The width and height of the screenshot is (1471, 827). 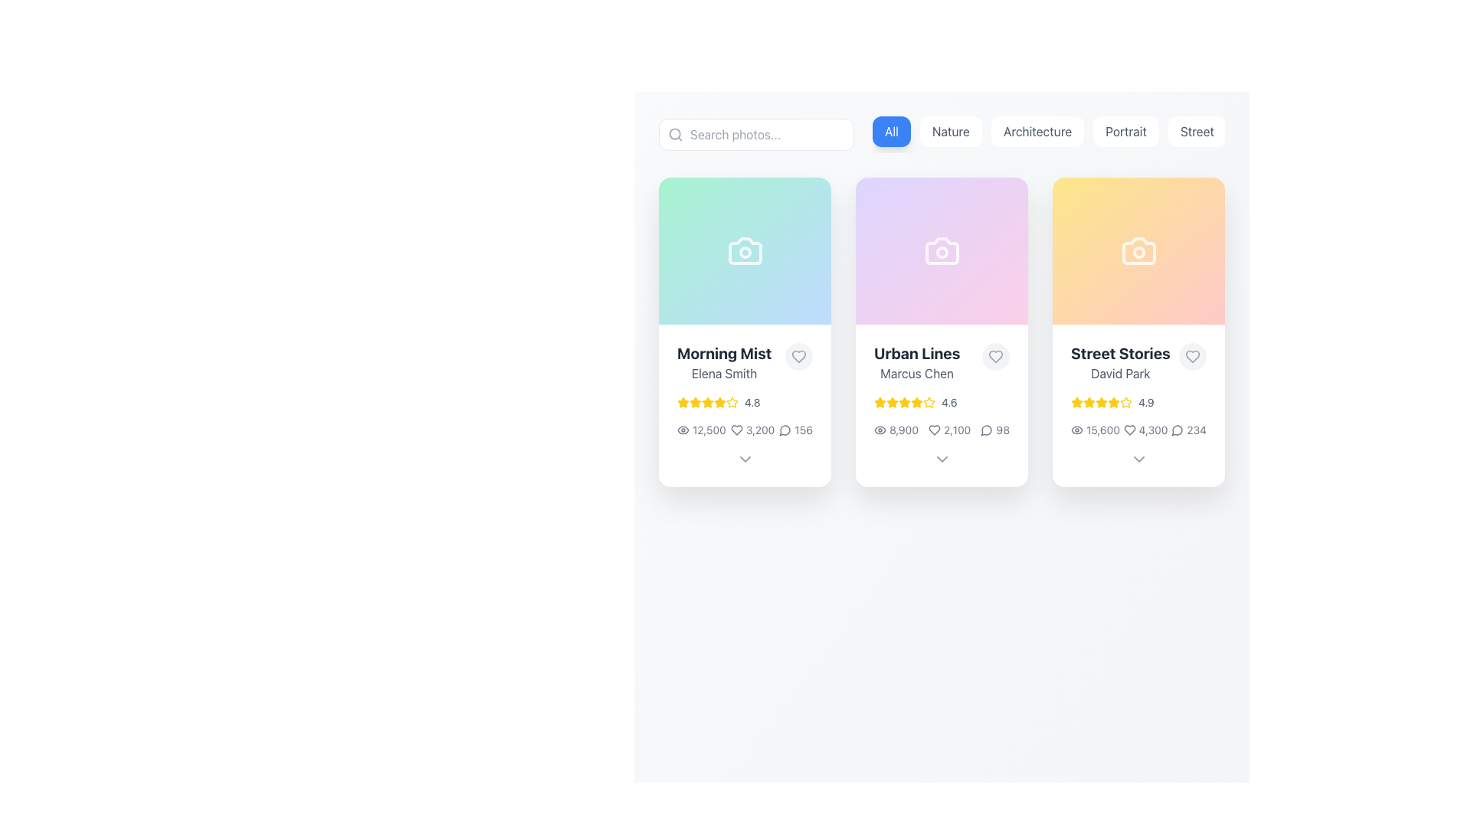 What do you see at coordinates (731, 401) in the screenshot?
I see `the second yellow star in the rating system for the 'Morning Mist' card` at bounding box center [731, 401].